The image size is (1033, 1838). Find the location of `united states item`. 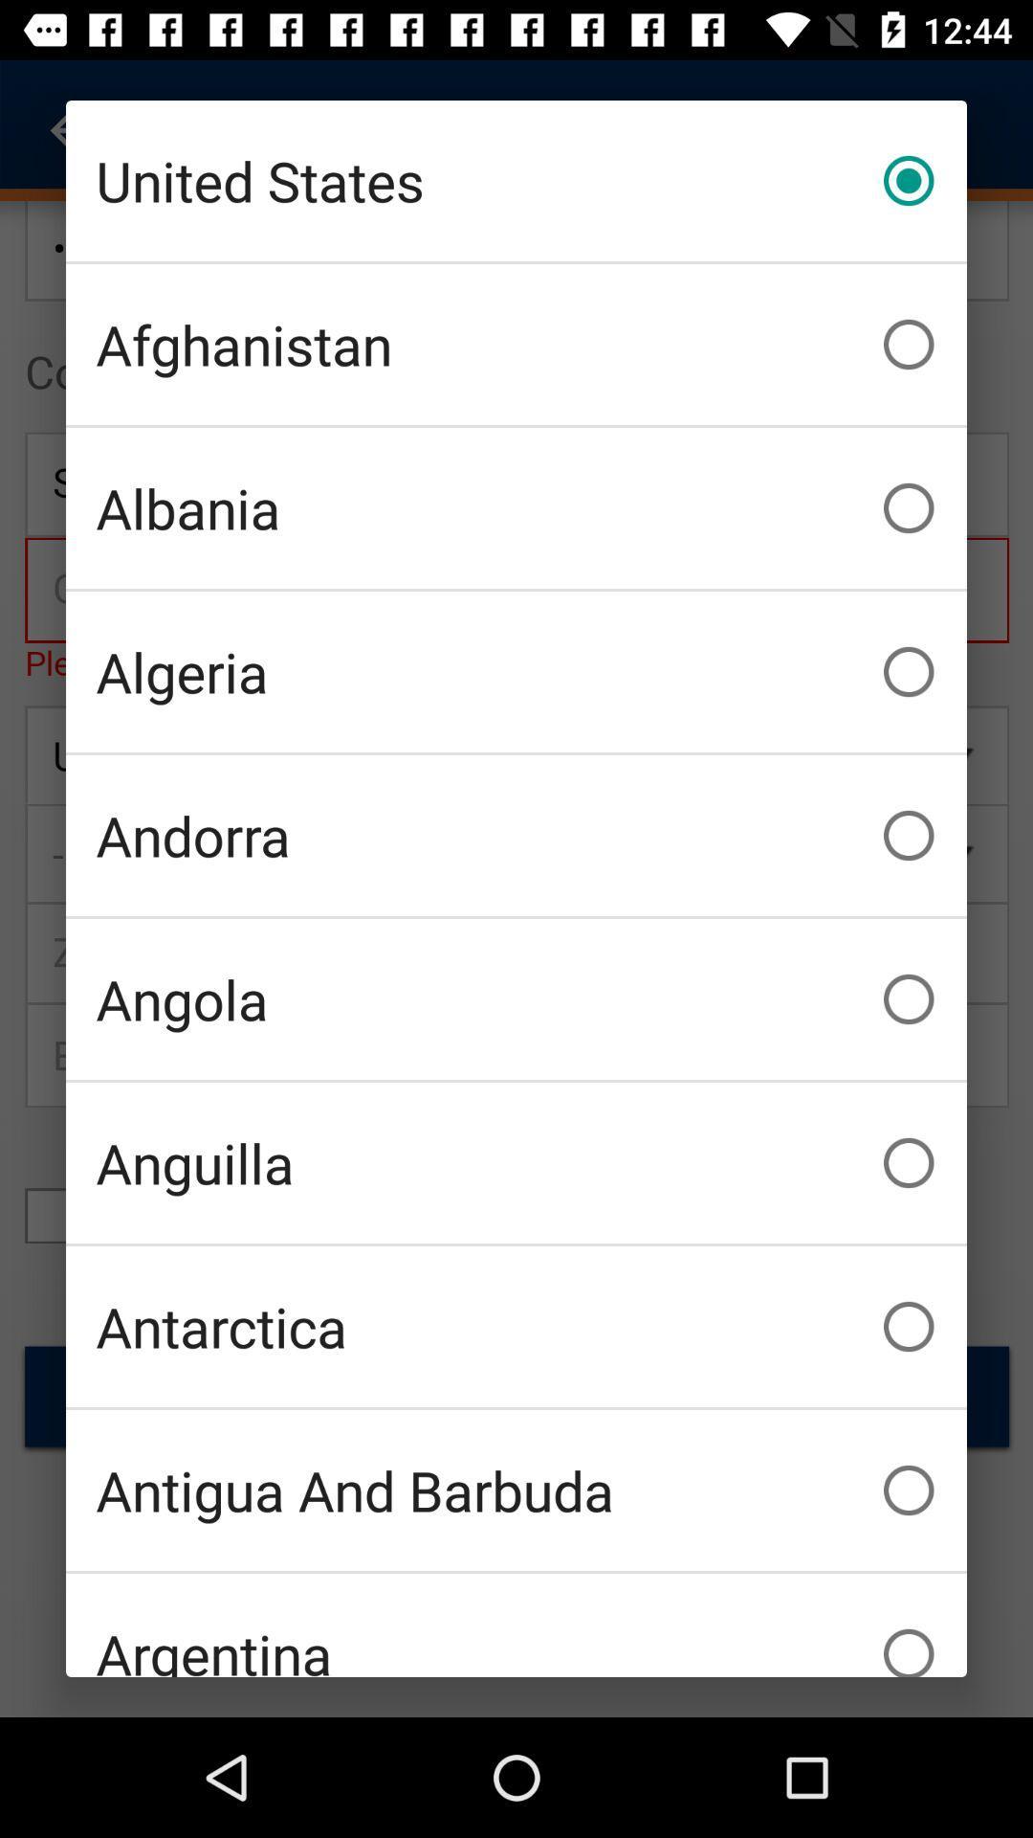

united states item is located at coordinates (516, 180).